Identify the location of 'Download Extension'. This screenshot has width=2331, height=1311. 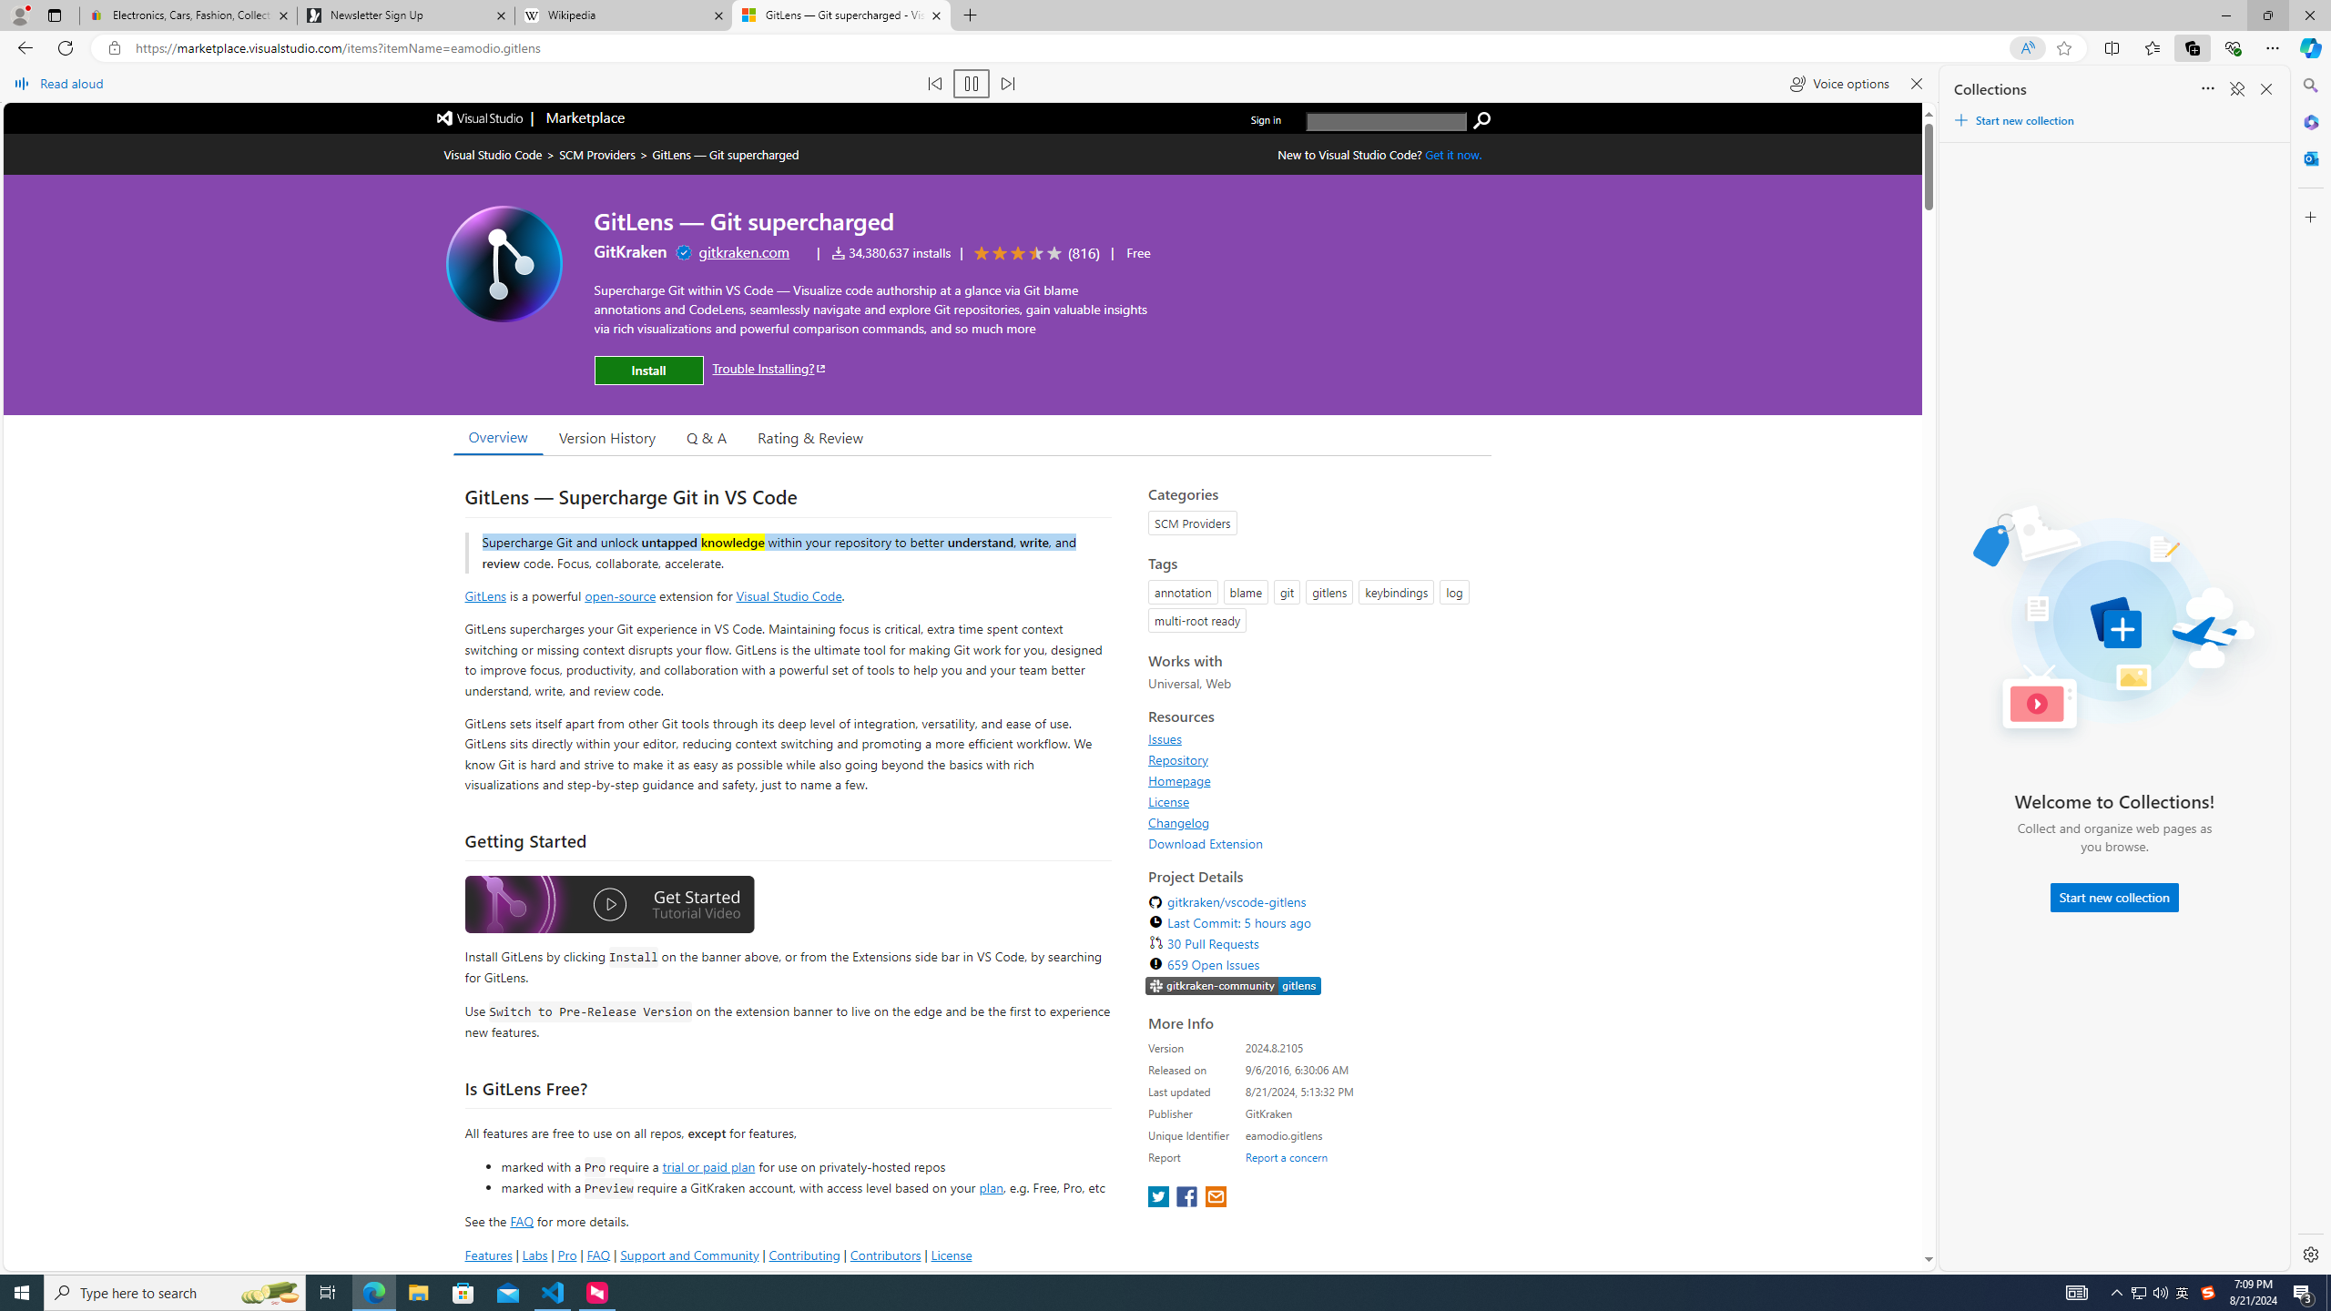
(1314, 843).